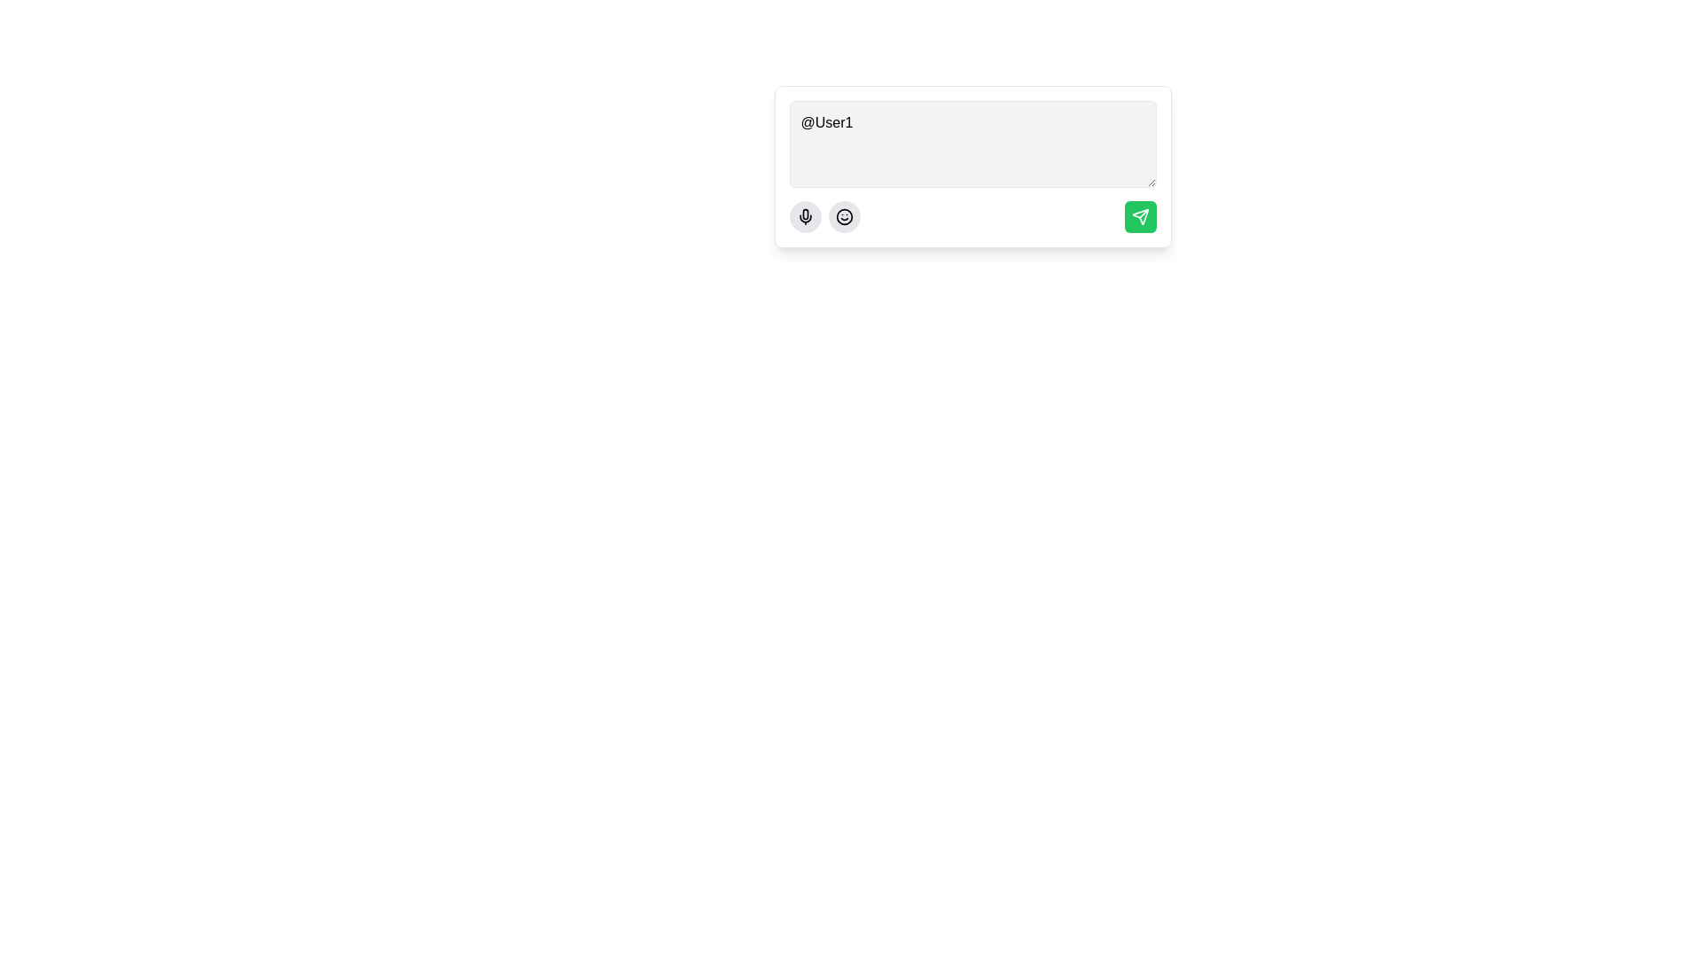 This screenshot has width=1702, height=957. I want to click on the microphone icon, which is part of a group of interactive circular icons with a light gray background, located below the typed message in the reply area, so click(824, 216).